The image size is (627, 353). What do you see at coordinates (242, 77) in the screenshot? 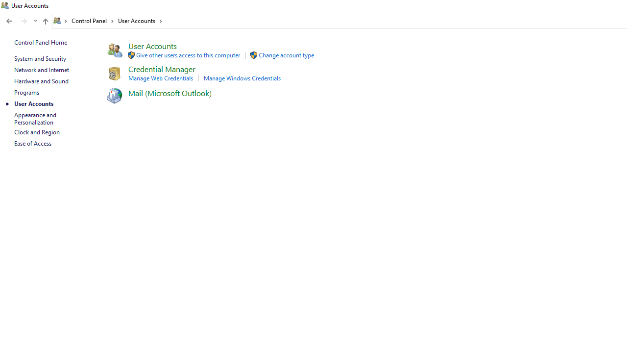
I see `'Manage Windows Credentials'` at bounding box center [242, 77].